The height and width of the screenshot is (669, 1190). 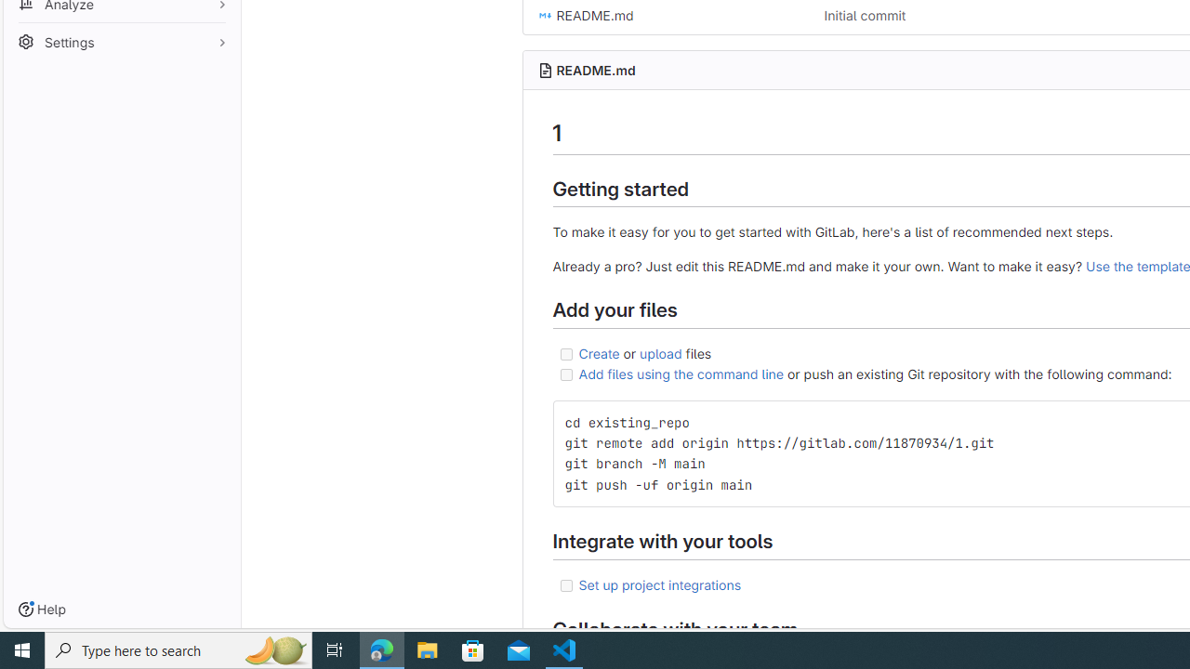 What do you see at coordinates (680, 374) in the screenshot?
I see `'Add files using the command line'` at bounding box center [680, 374].